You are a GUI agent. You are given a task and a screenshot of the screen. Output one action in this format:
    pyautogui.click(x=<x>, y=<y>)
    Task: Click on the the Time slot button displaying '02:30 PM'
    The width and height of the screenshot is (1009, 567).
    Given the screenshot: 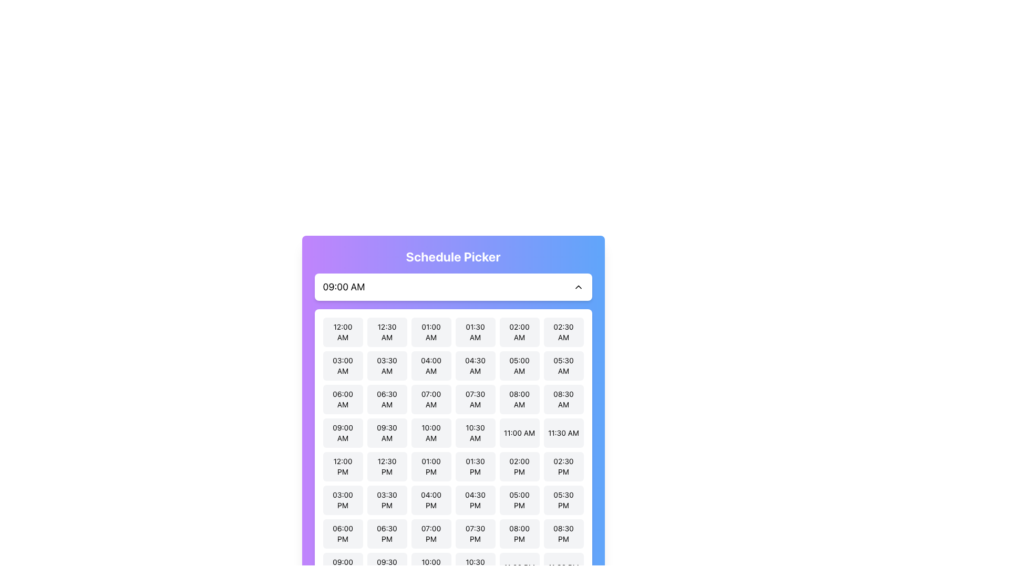 What is the action you would take?
    pyautogui.click(x=563, y=466)
    